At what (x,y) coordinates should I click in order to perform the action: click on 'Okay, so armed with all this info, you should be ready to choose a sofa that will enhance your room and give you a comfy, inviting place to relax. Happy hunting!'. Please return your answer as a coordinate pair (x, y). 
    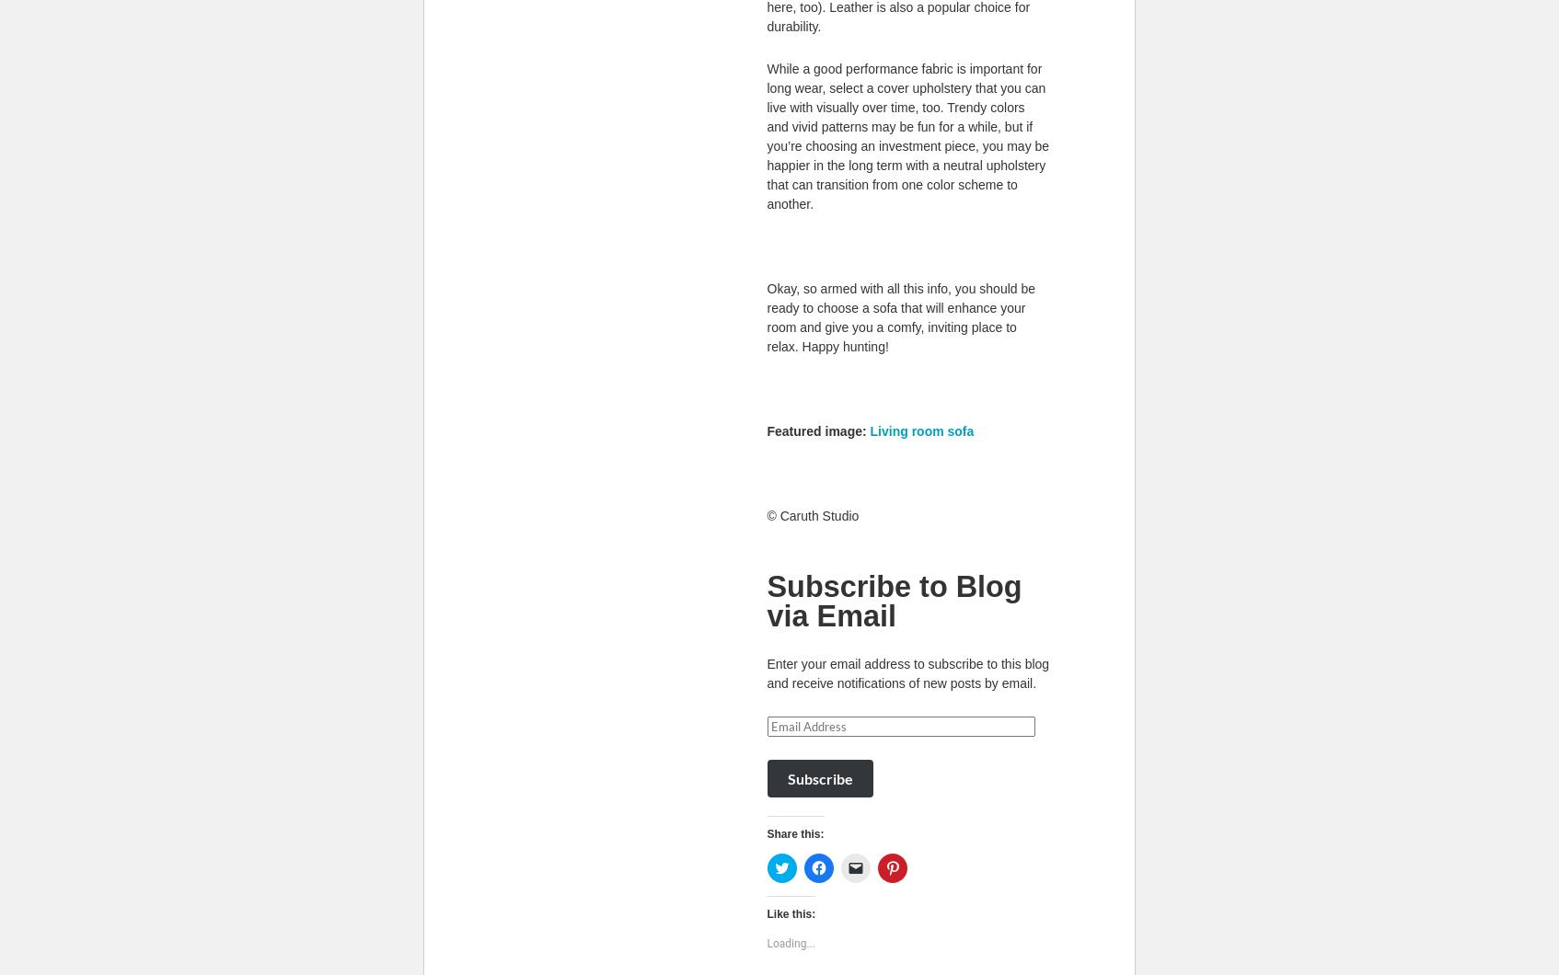
    Looking at the image, I should click on (899, 316).